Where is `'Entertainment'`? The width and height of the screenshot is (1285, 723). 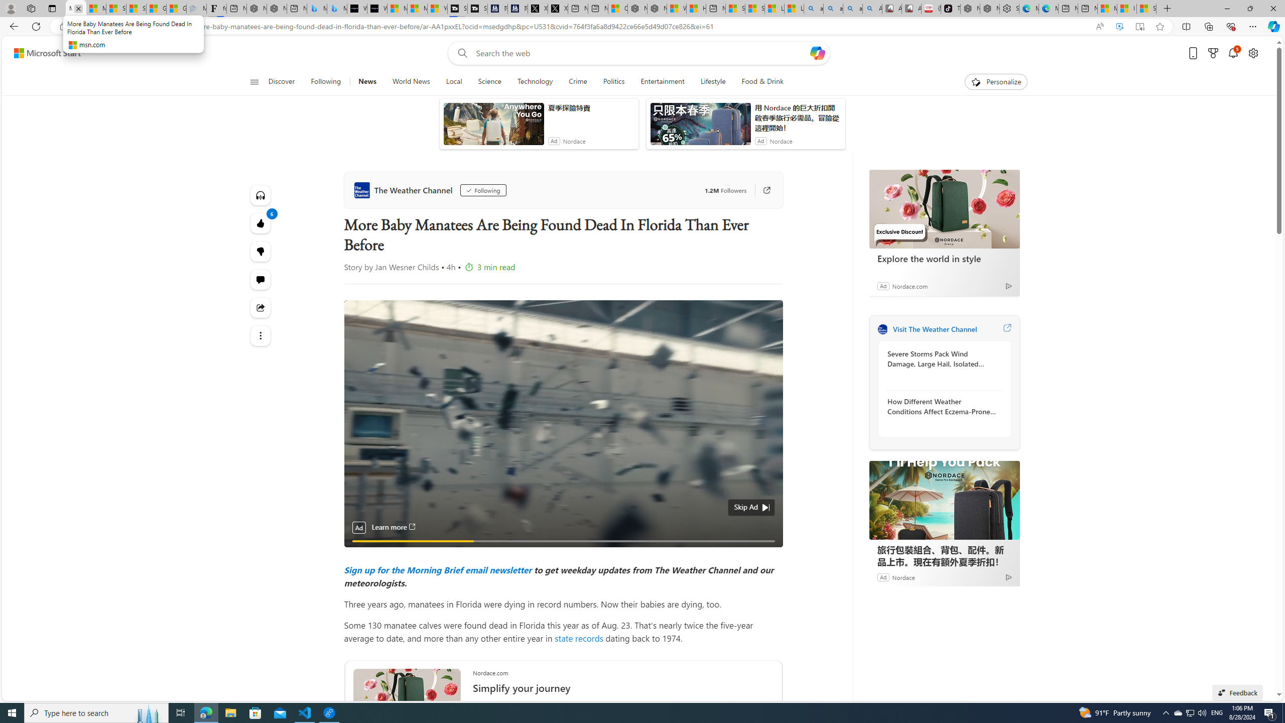
'Entertainment' is located at coordinates (662, 81).